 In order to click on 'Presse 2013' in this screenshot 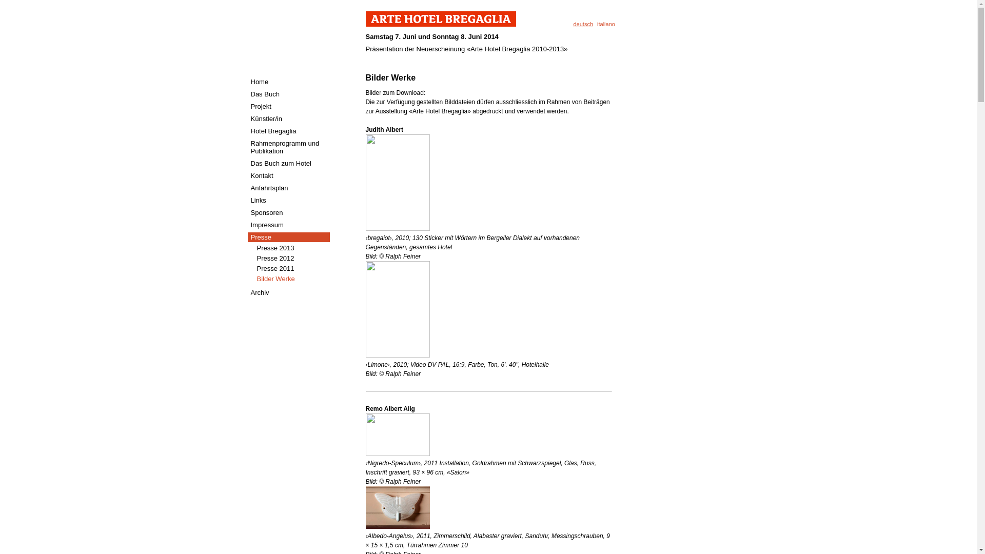, I will do `click(287, 248)`.